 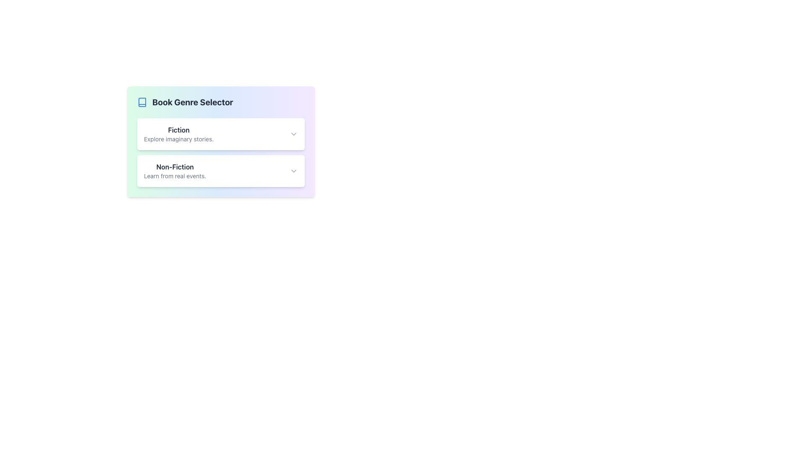 What do you see at coordinates (175, 171) in the screenshot?
I see `the 'Non-Fiction' text label, which features a bolded title and a subtitle, located in the 'Book Genre Selector' section under 'Fiction'` at bounding box center [175, 171].